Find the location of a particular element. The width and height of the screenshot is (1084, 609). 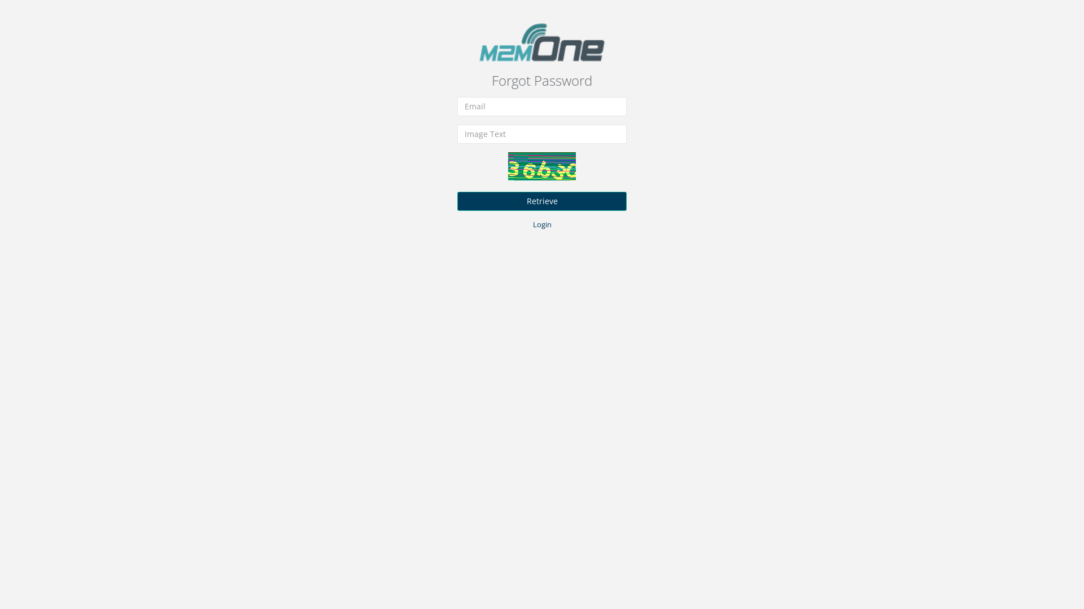

'Login' is located at coordinates (542, 224).